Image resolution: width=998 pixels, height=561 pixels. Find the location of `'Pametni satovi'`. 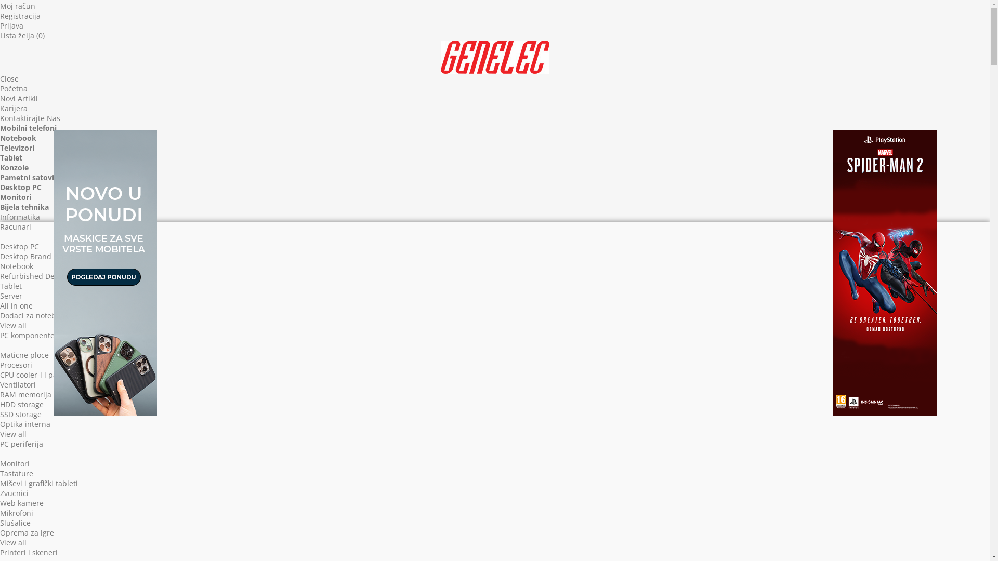

'Pametni satovi' is located at coordinates (27, 177).